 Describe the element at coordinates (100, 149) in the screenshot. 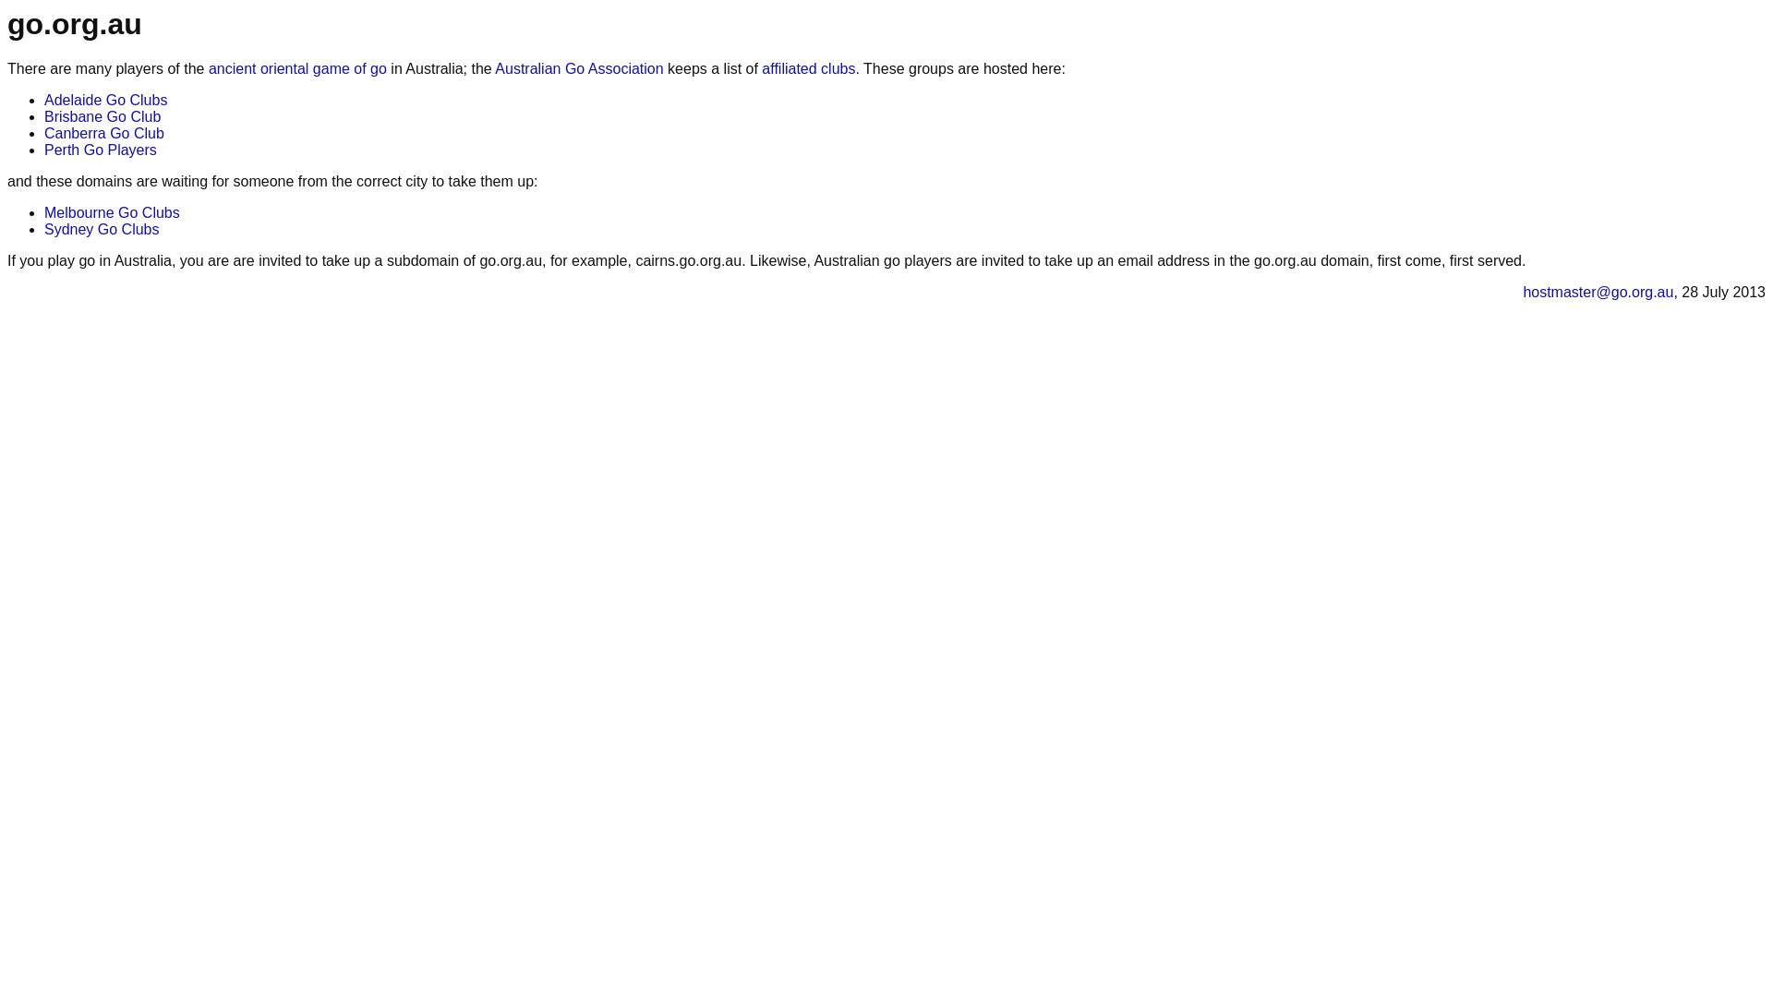

I see `'Perth Go Players'` at that location.